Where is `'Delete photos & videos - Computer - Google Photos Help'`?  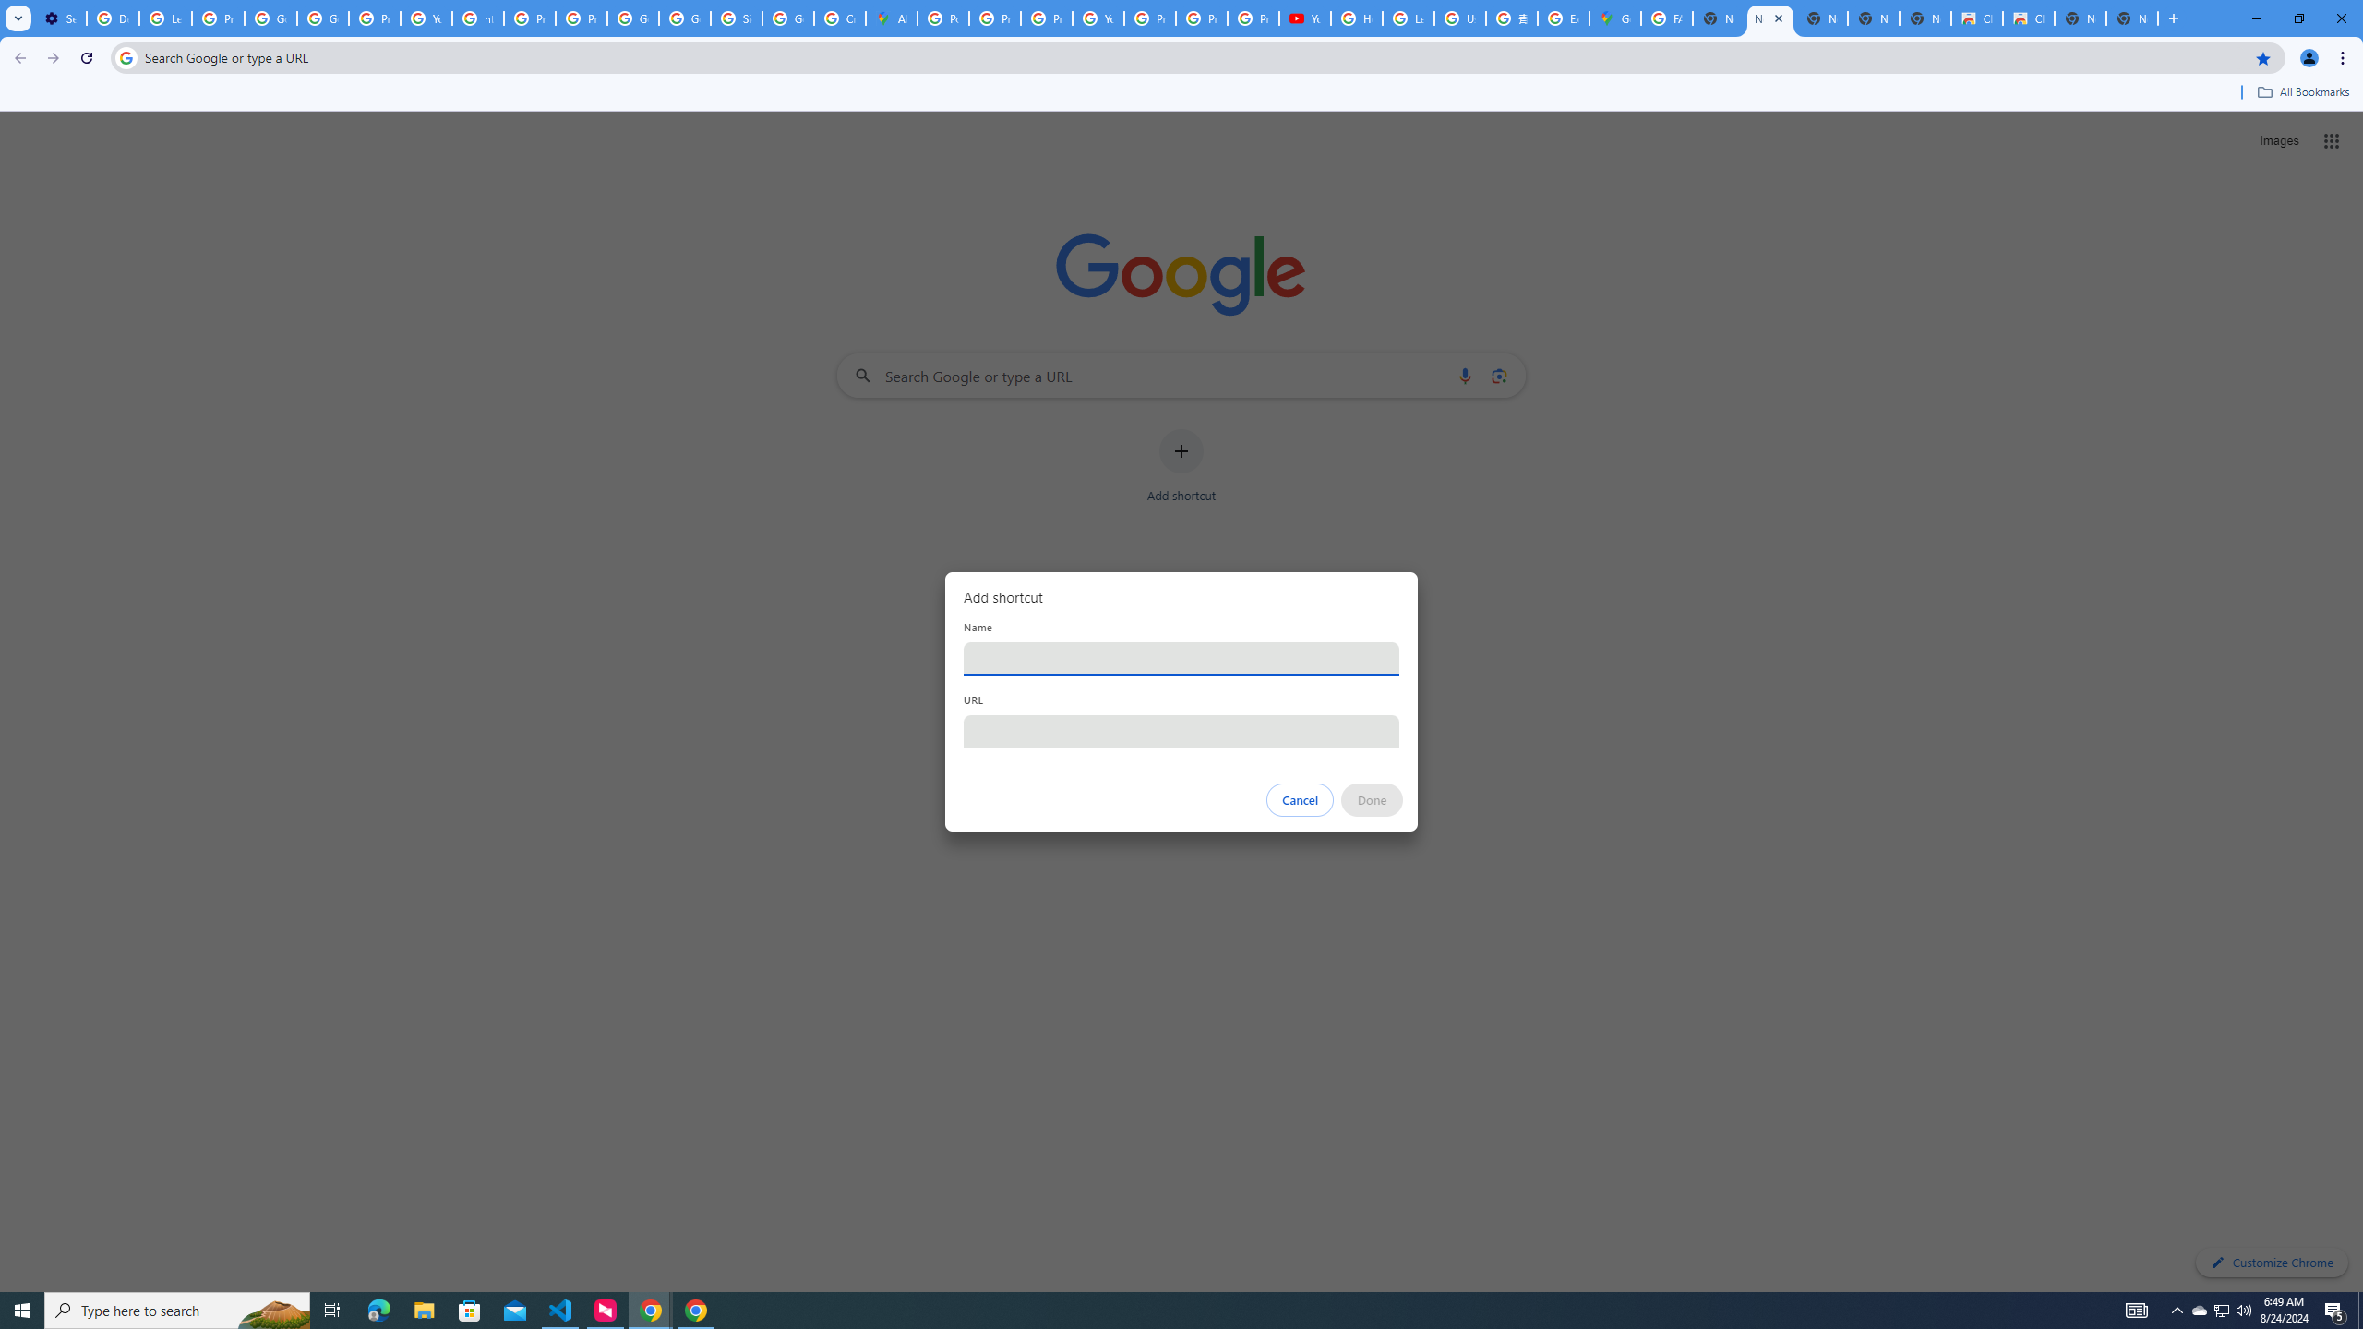
'Delete photos & videos - Computer - Google Photos Help' is located at coordinates (112, 18).